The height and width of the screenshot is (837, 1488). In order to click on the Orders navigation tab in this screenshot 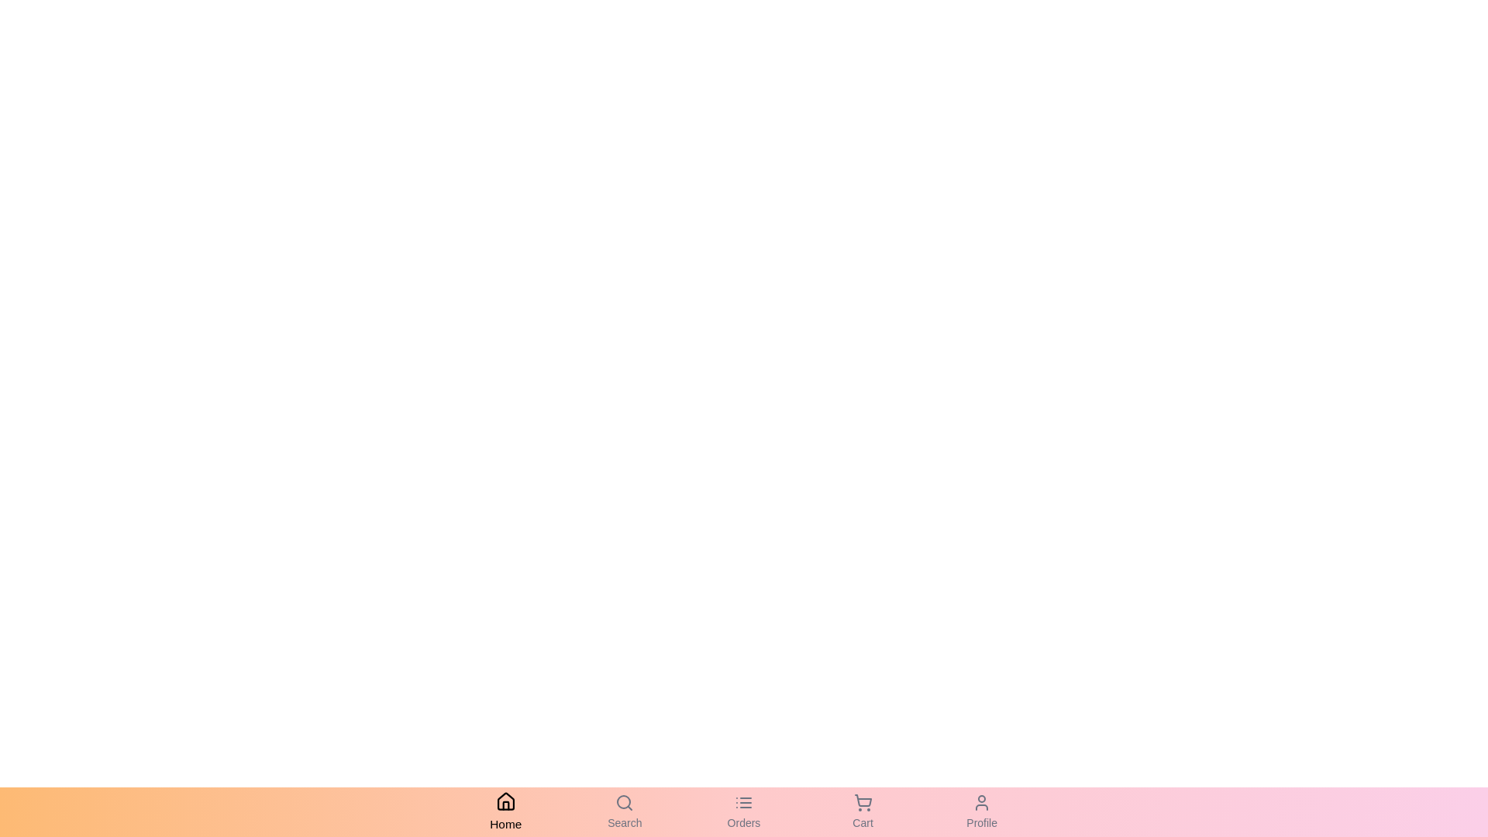, I will do `click(744, 811)`.